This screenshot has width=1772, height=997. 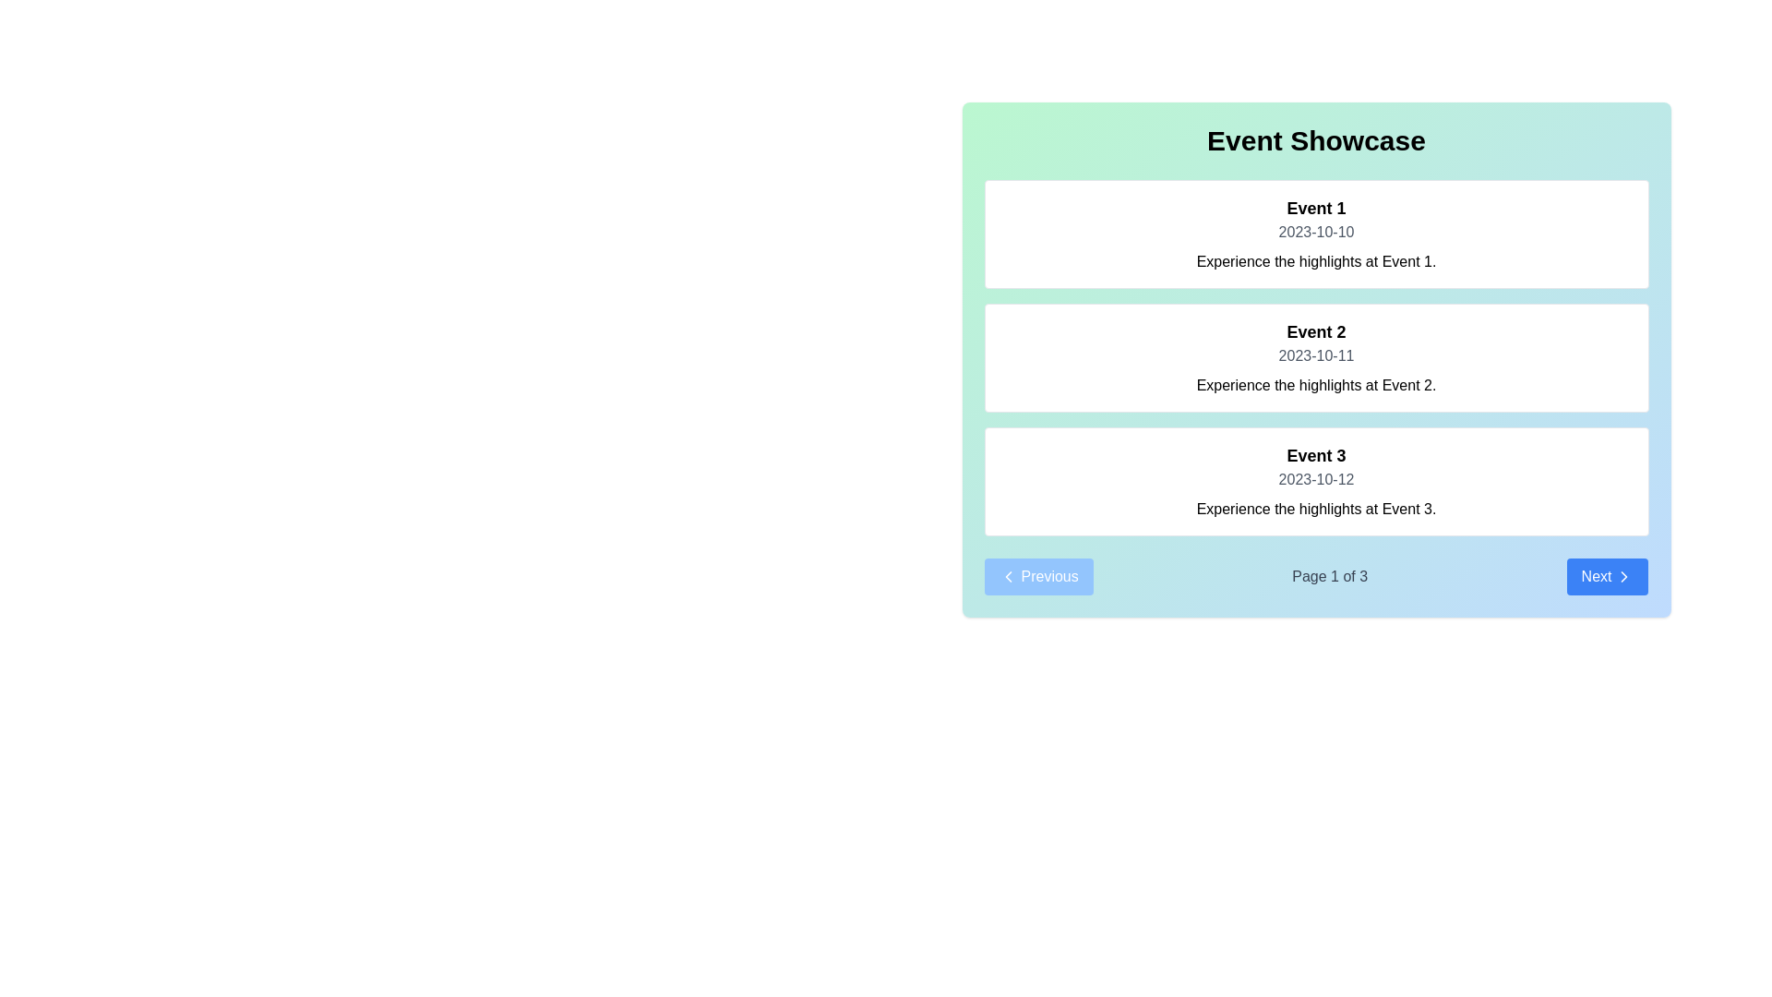 I want to click on the text element displaying 'Page 1 of 3', which is centrally located in the navigation bar between the 'Previous' and 'Next' buttons, so click(x=1330, y=575).